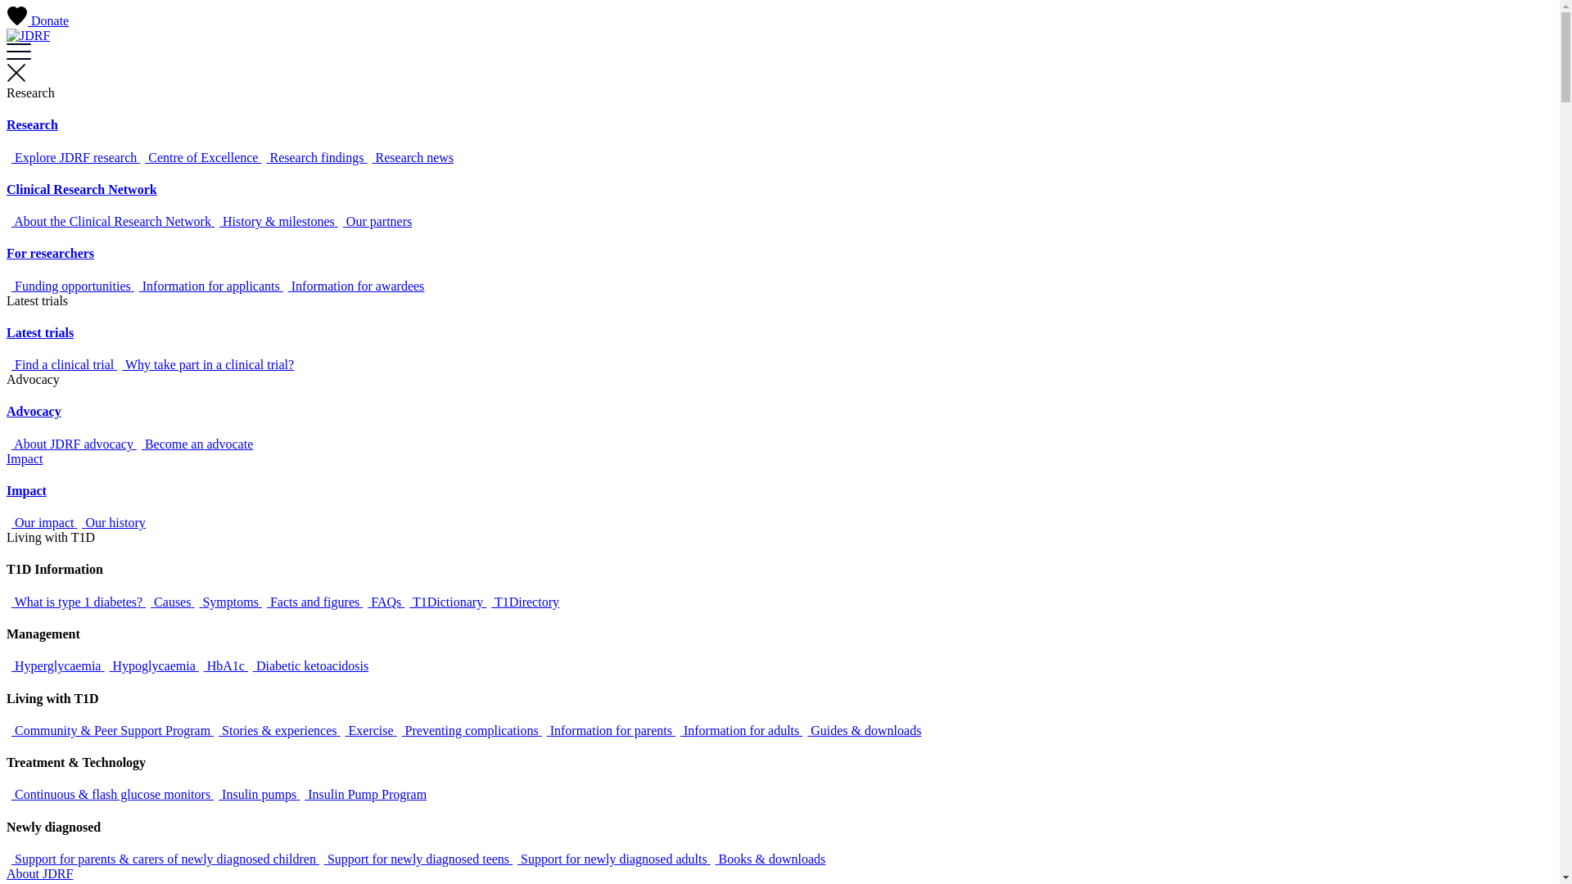 This screenshot has height=884, width=1572. I want to click on 'Donate', so click(7, 20).